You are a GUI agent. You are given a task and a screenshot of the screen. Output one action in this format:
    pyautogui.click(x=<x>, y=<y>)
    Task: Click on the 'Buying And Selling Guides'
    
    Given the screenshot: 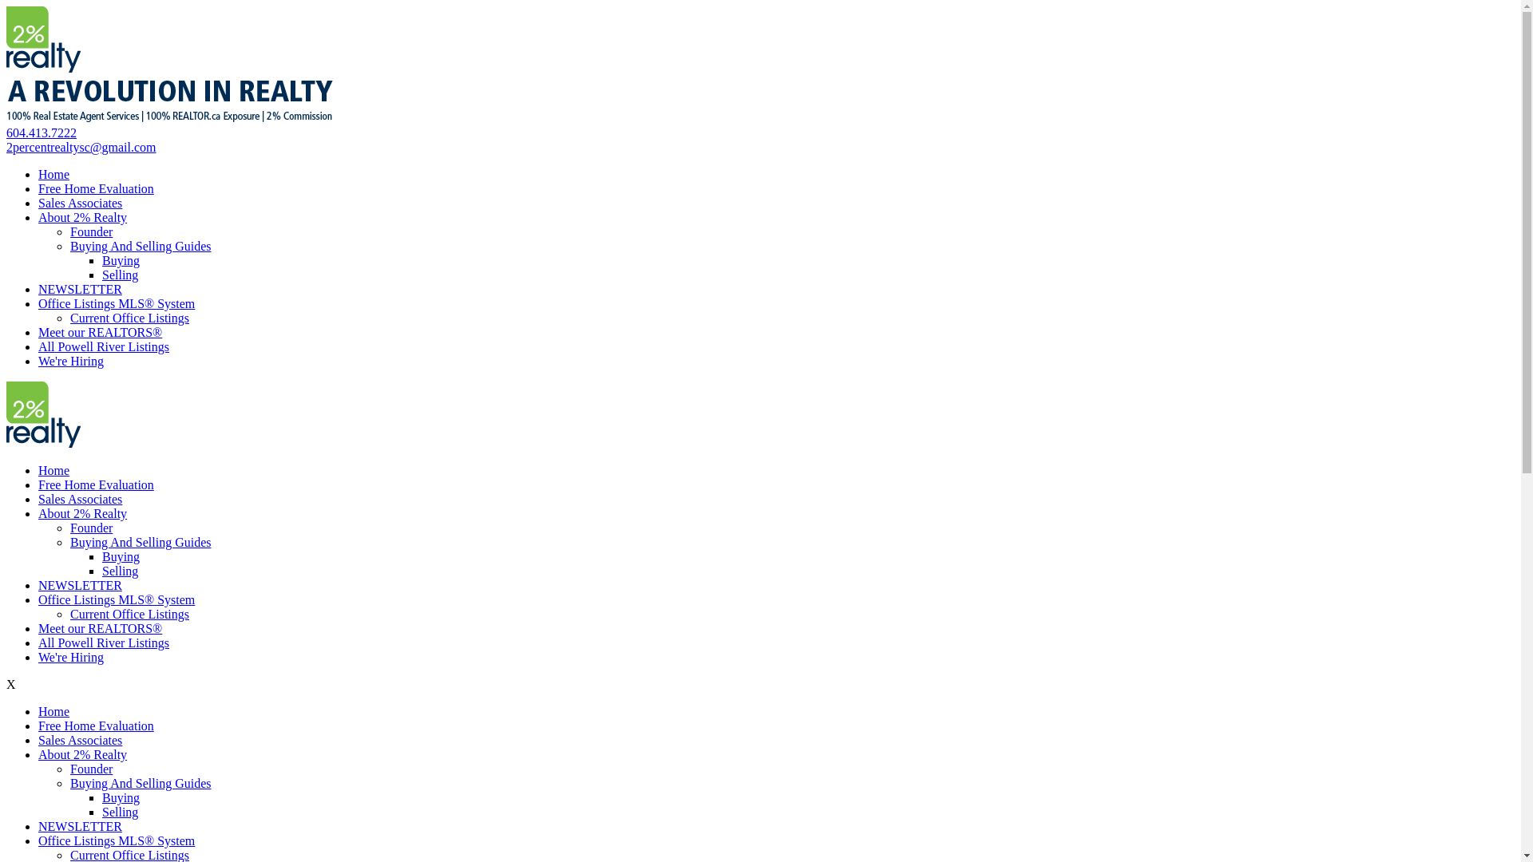 What is the action you would take?
    pyautogui.click(x=69, y=782)
    